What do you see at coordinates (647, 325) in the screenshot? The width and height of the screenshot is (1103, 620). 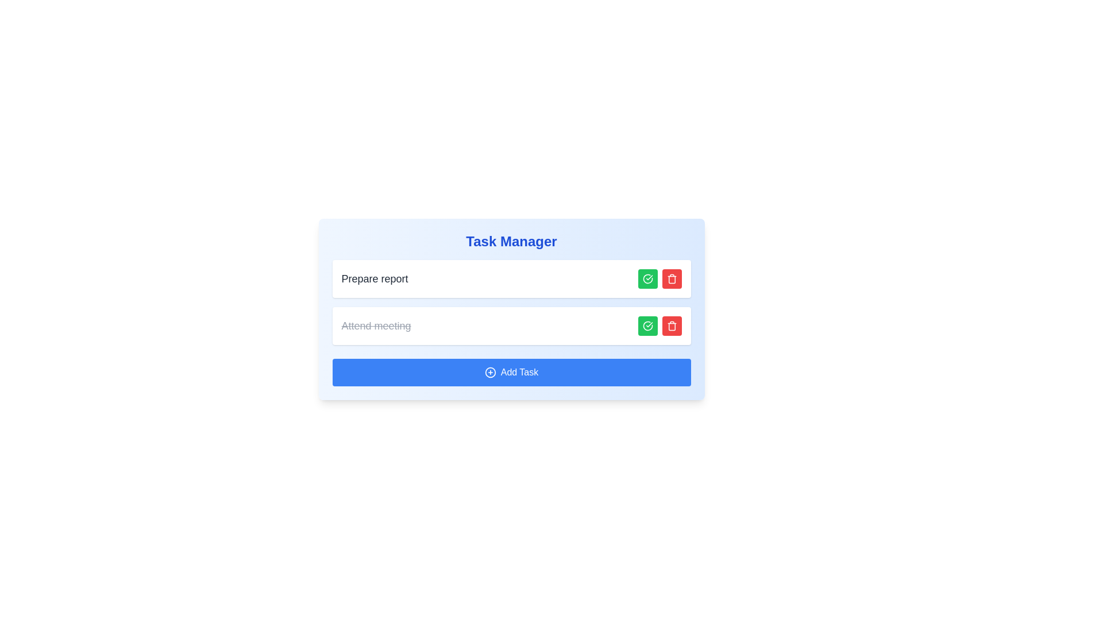 I see `the green check icon button located to the left of the 'Attend meeting' task in the task manager interface to mark the task as complete` at bounding box center [647, 325].